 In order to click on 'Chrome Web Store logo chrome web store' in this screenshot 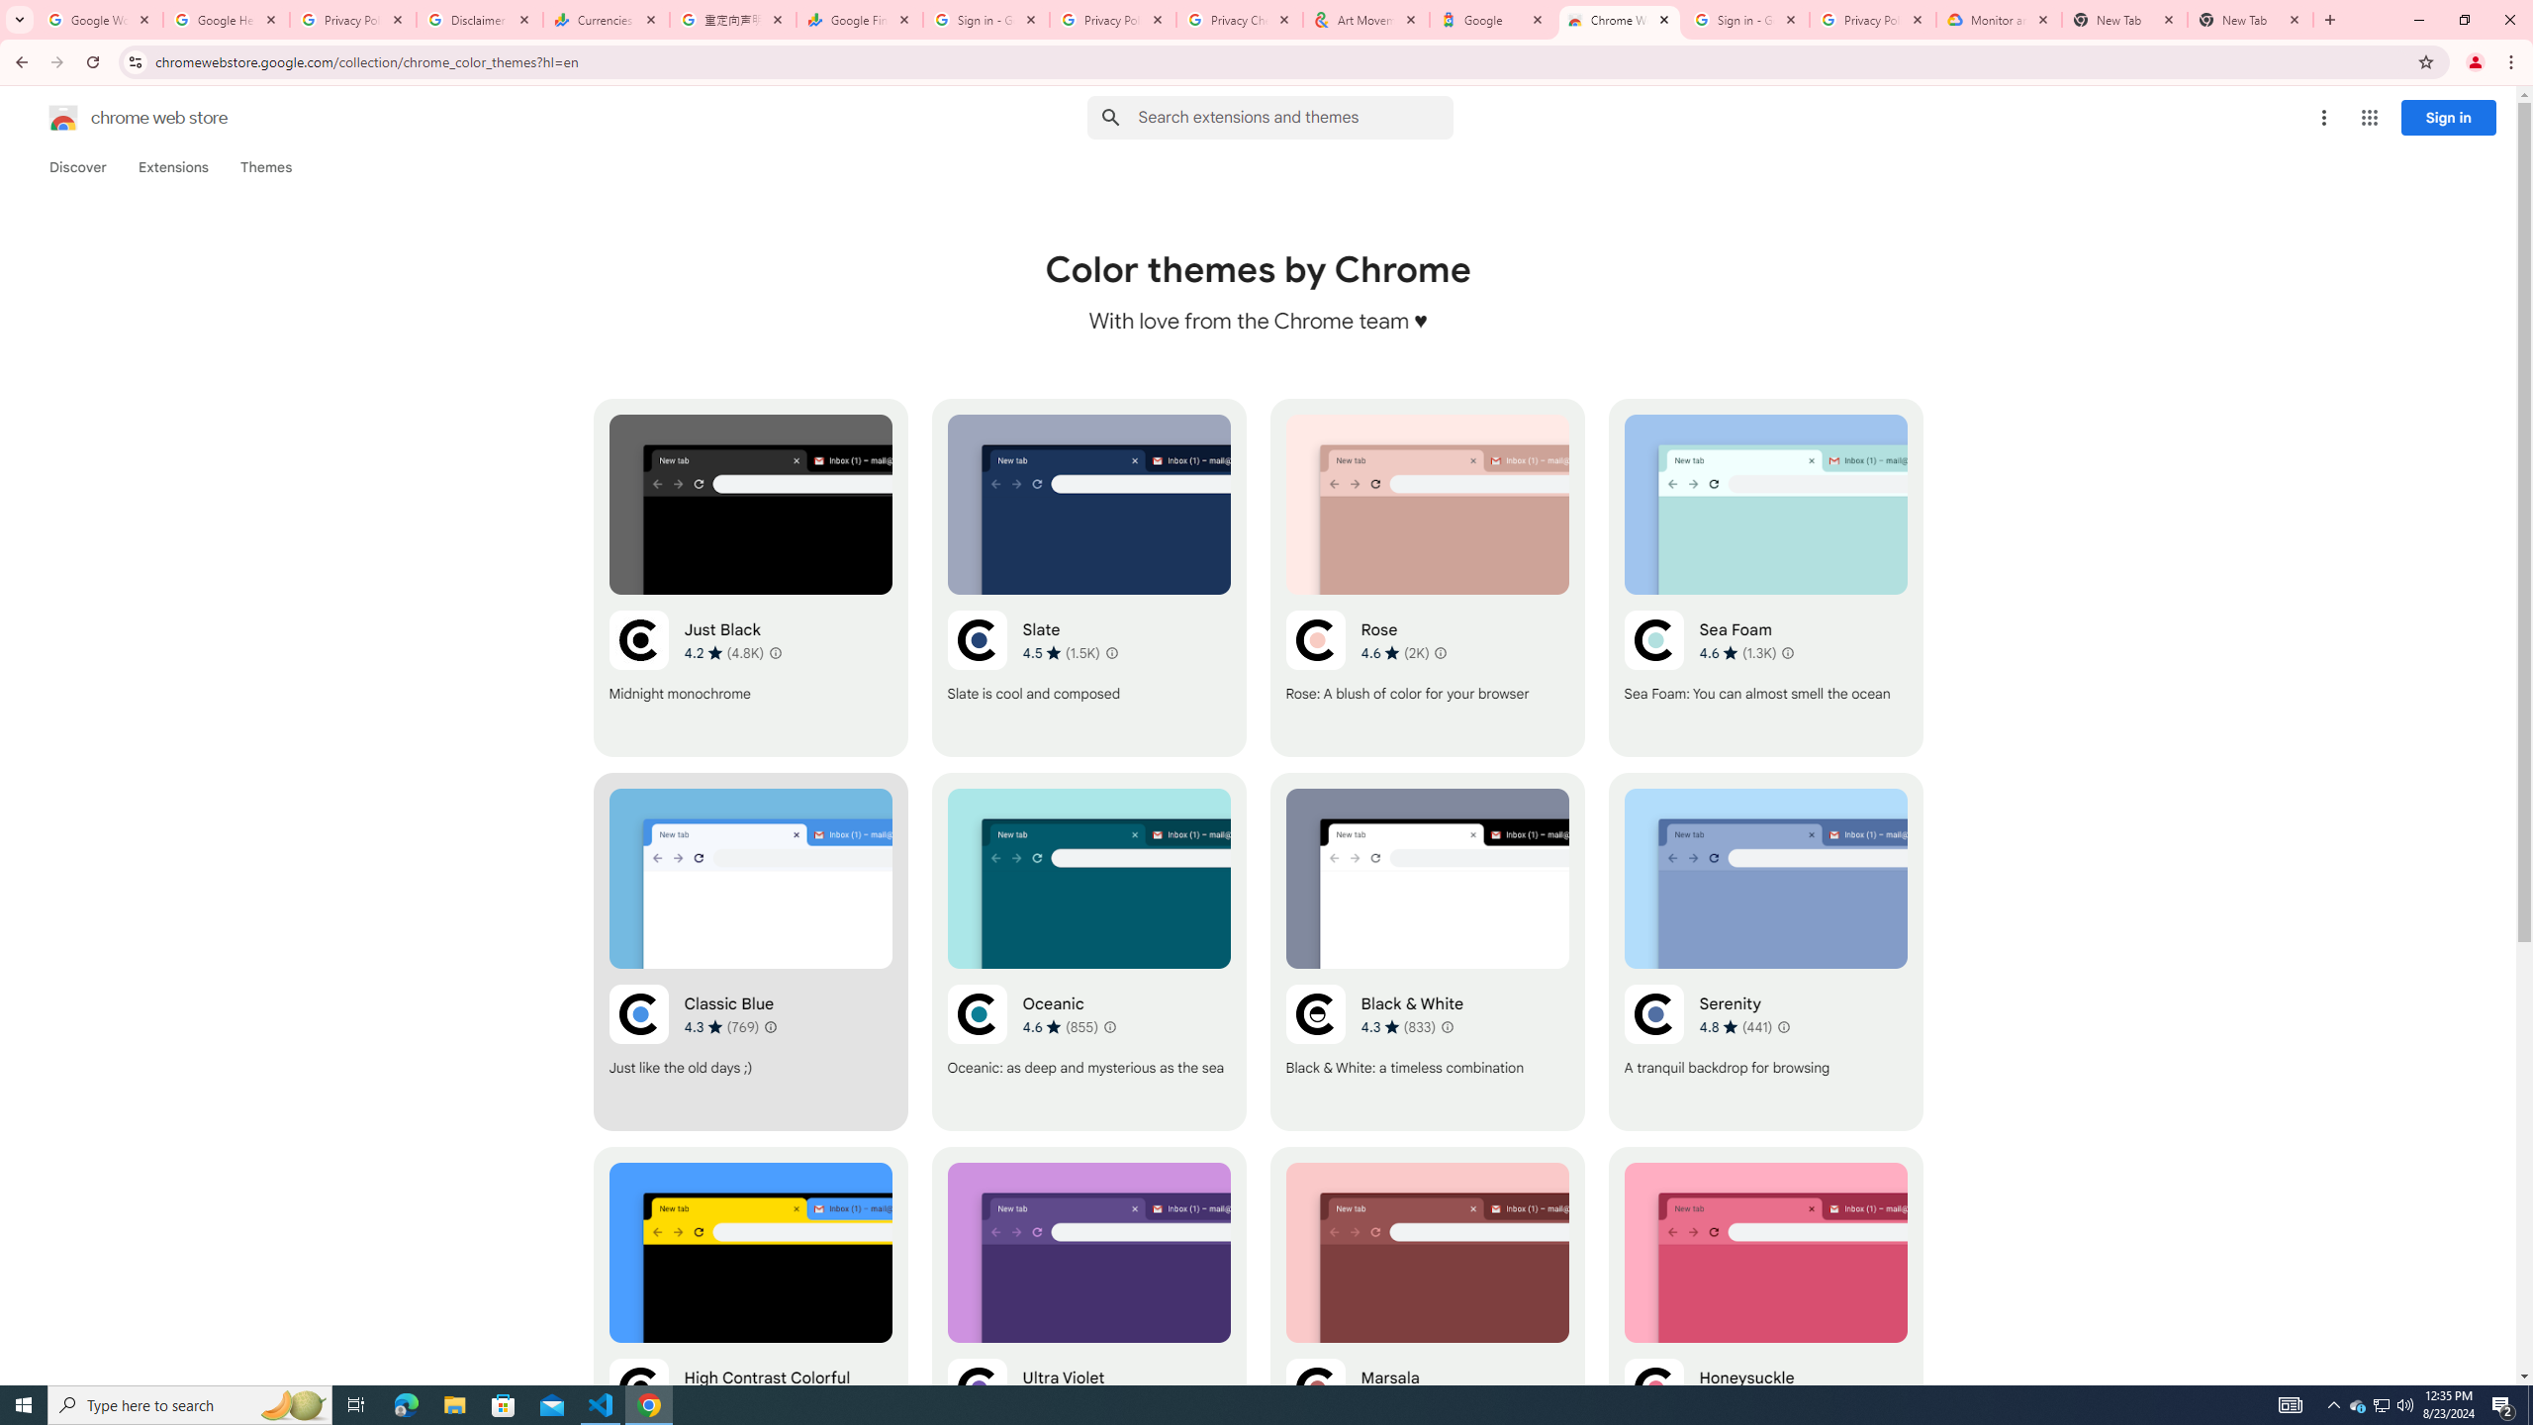, I will do `click(117, 117)`.